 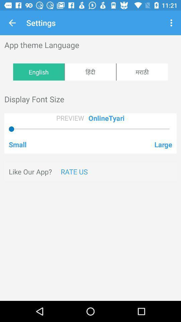 What do you see at coordinates (74, 171) in the screenshot?
I see `icon next to like our app? icon` at bounding box center [74, 171].